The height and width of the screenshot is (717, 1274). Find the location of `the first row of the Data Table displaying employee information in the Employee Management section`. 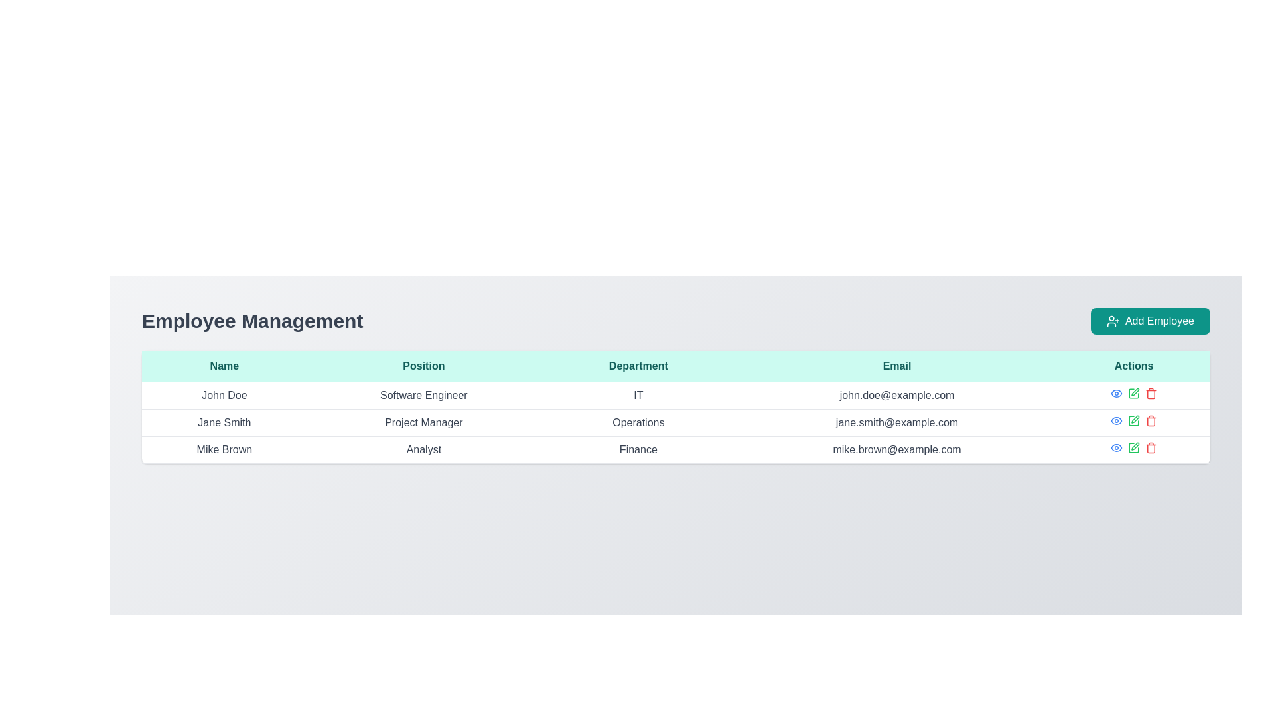

the first row of the Data Table displaying employee information in the Employee Management section is located at coordinates (675, 395).